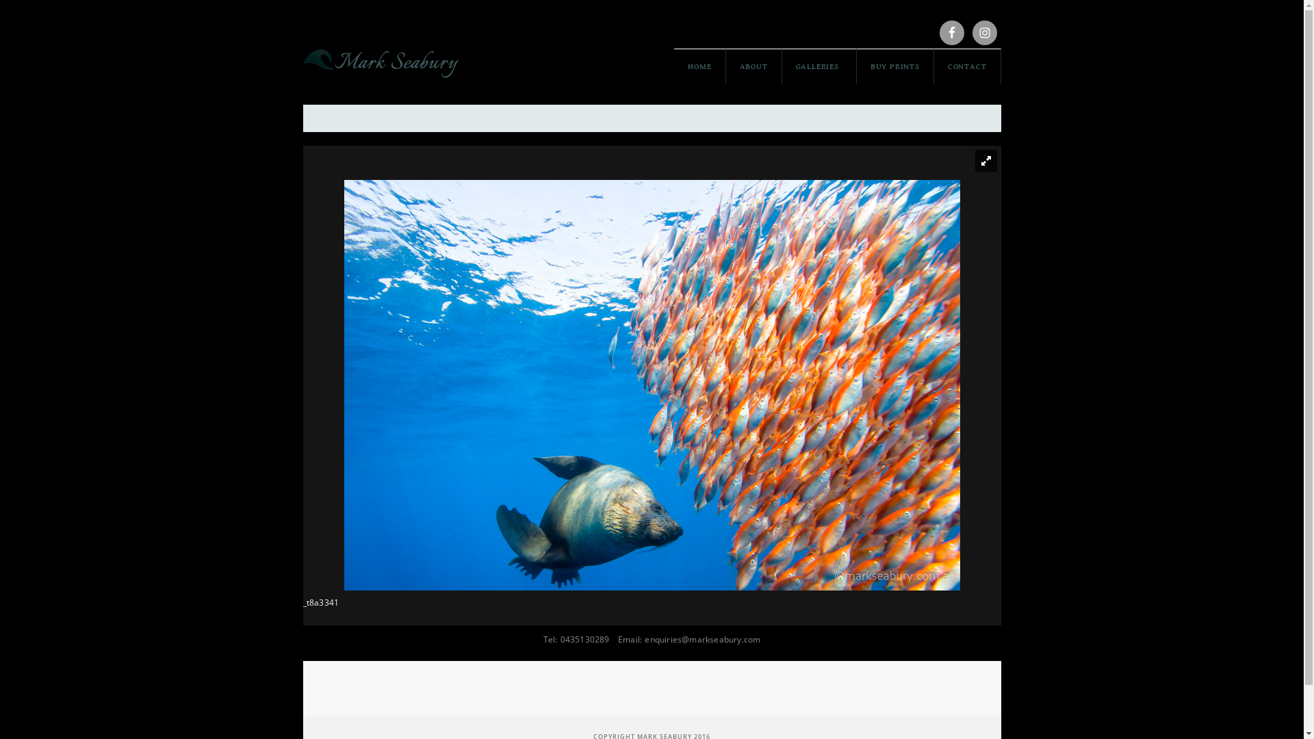 Image resolution: width=1314 pixels, height=739 pixels. I want to click on 'CONTACT', so click(967, 66).